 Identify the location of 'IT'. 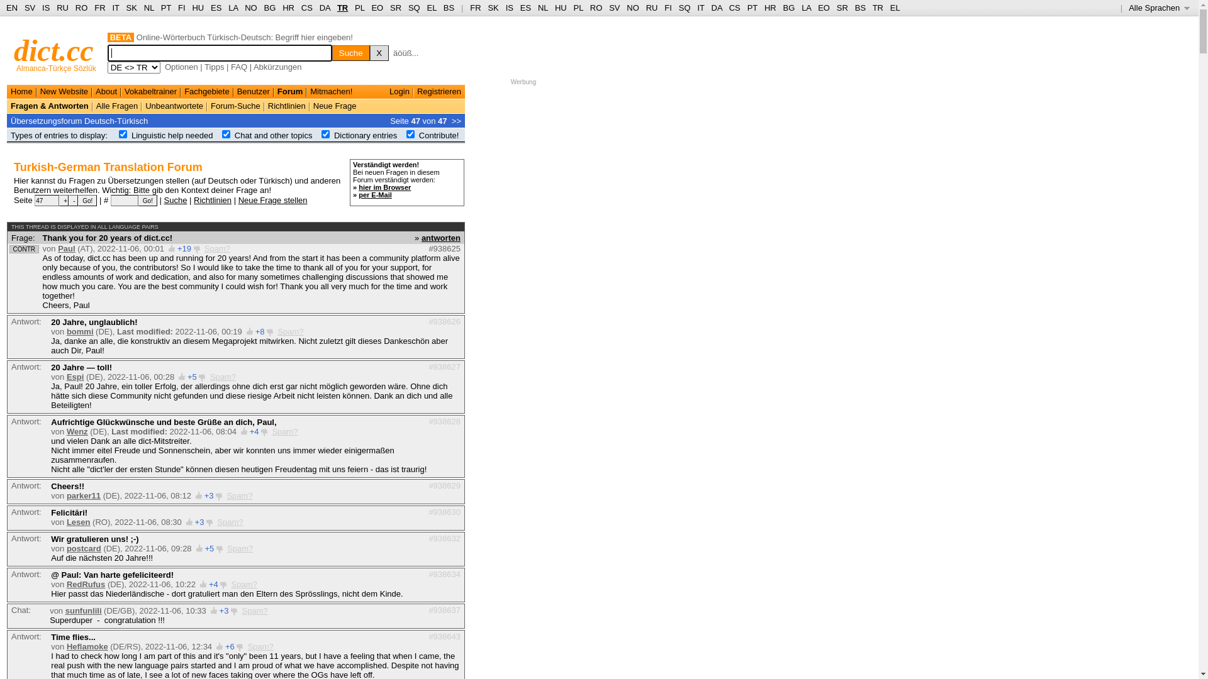
(115, 8).